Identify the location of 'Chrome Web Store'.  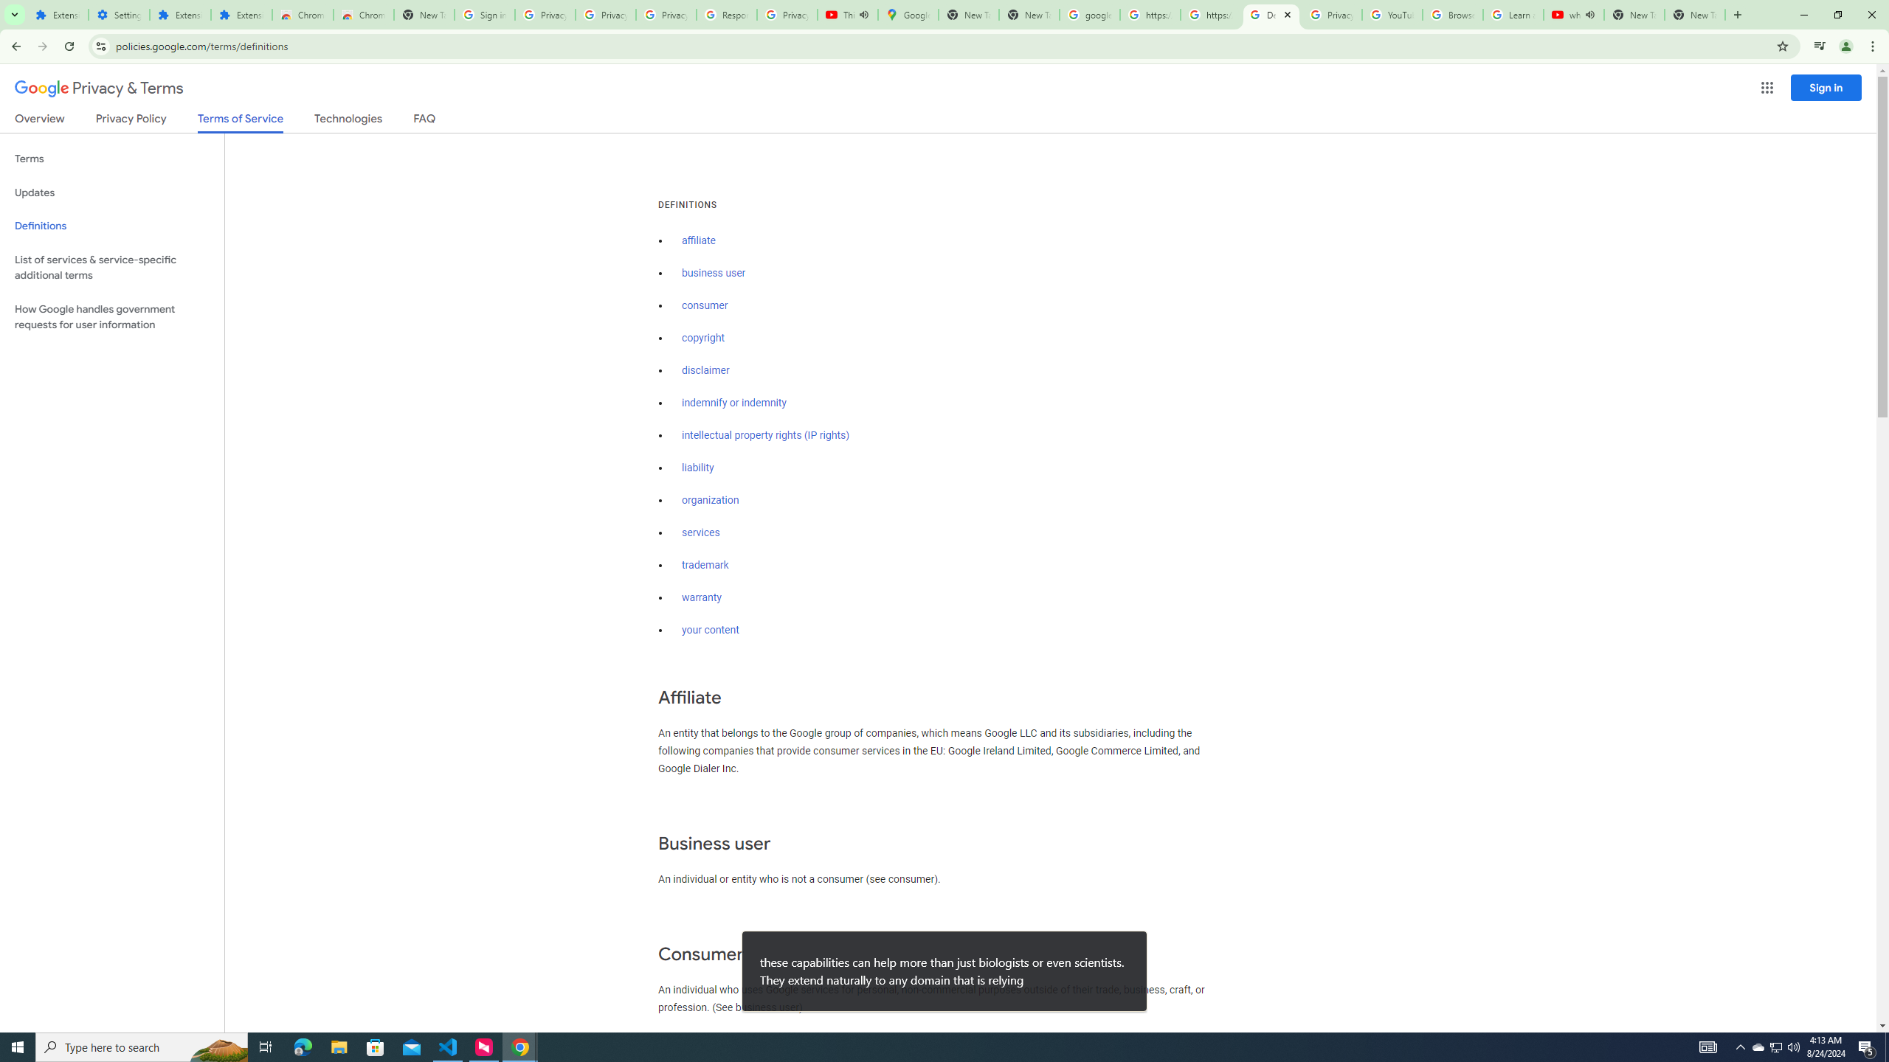
(302, 14).